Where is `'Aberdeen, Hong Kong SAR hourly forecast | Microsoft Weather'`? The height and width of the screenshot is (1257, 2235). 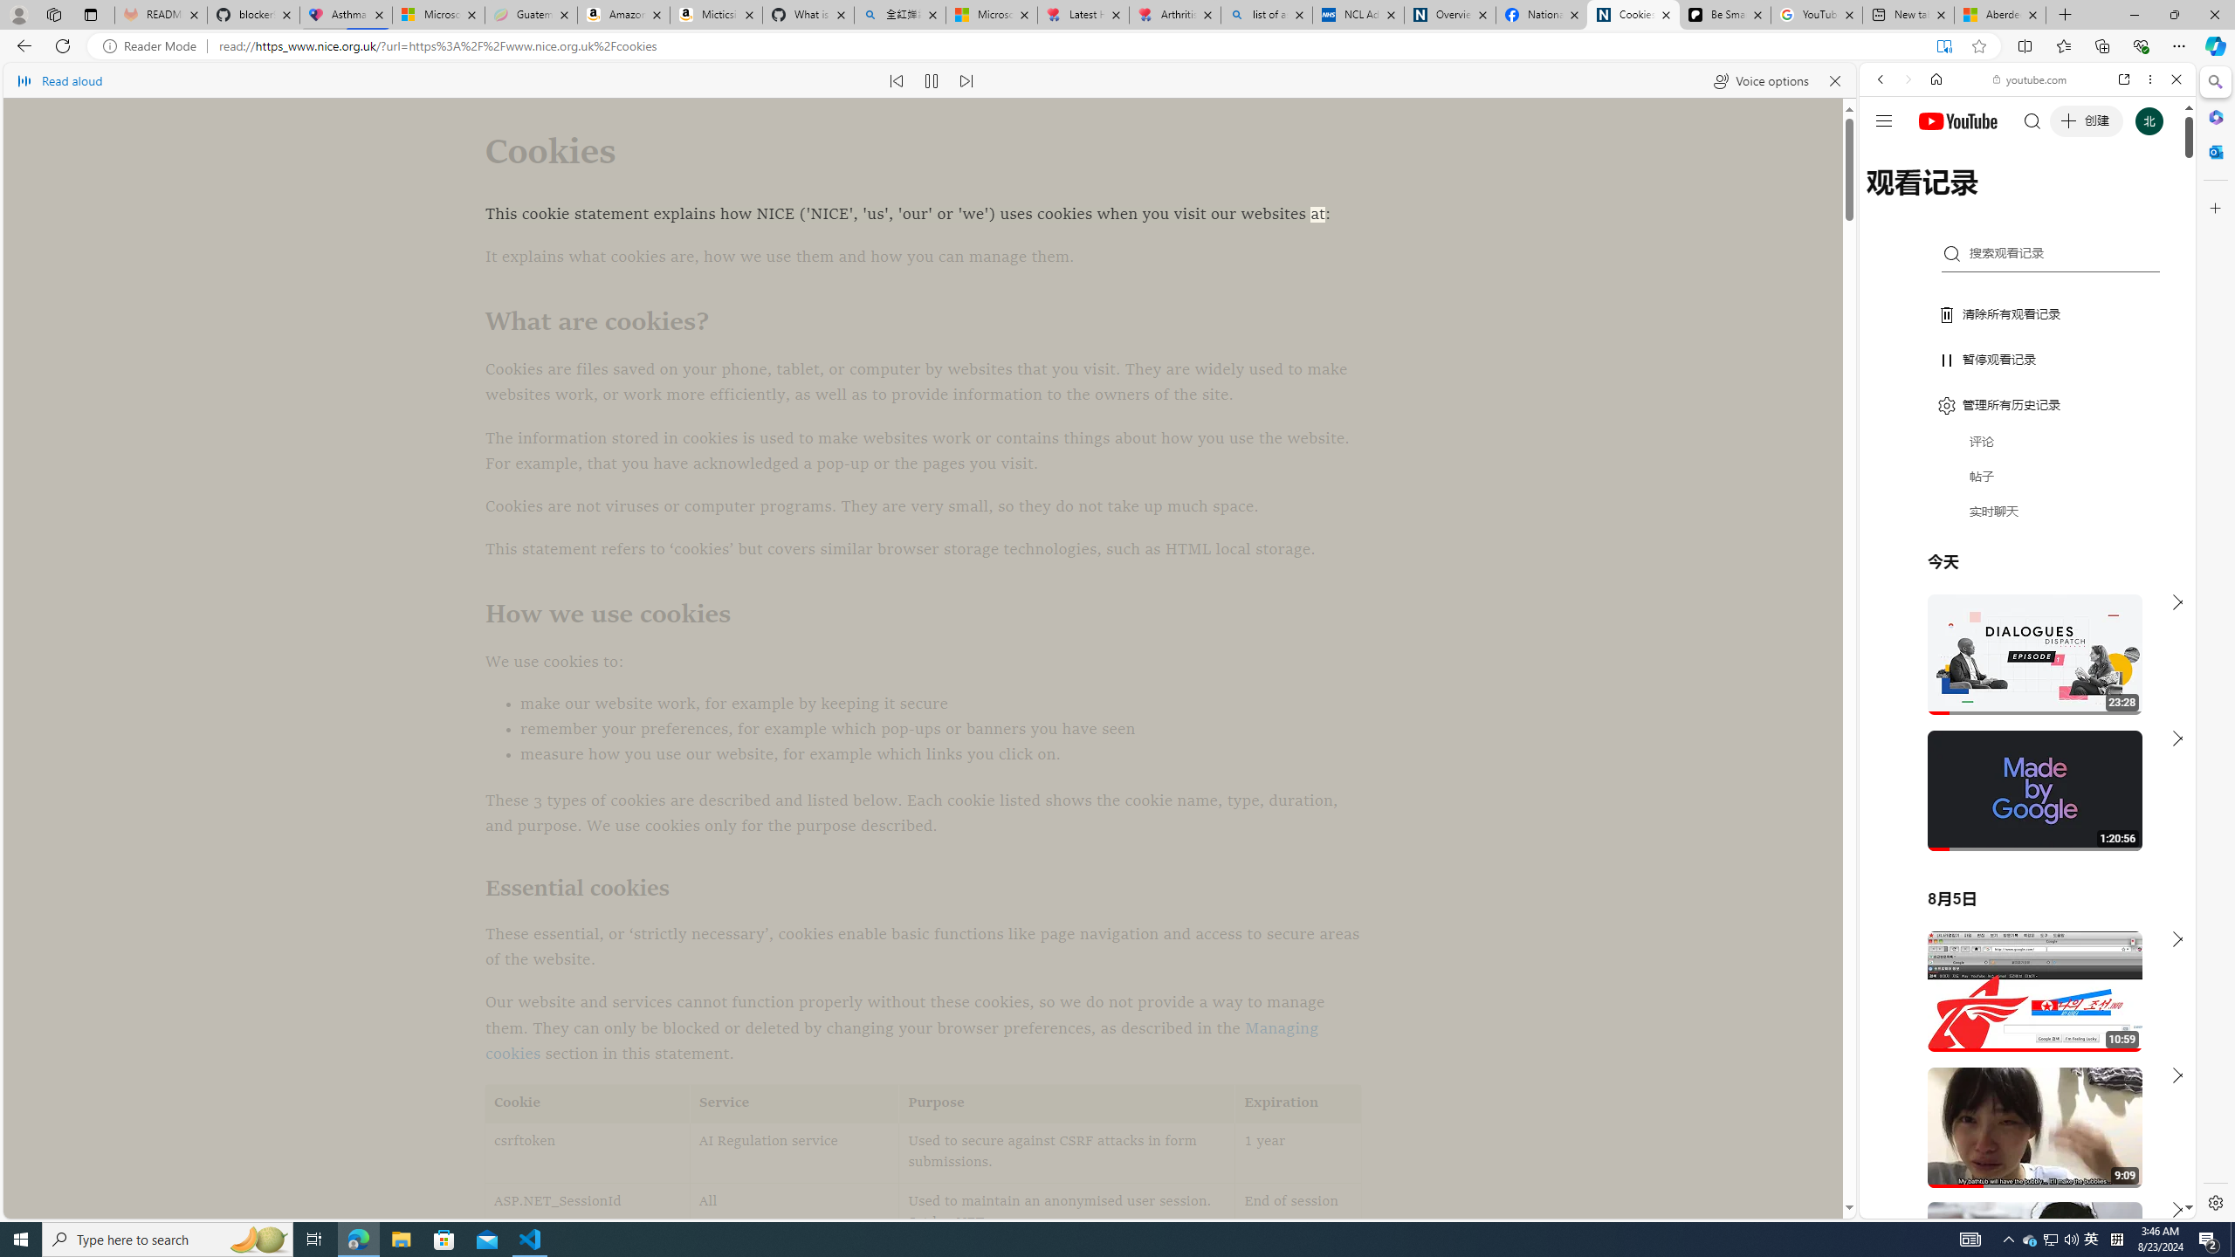 'Aberdeen, Hong Kong SAR hourly forecast | Microsoft Weather' is located at coordinates (1999, 14).